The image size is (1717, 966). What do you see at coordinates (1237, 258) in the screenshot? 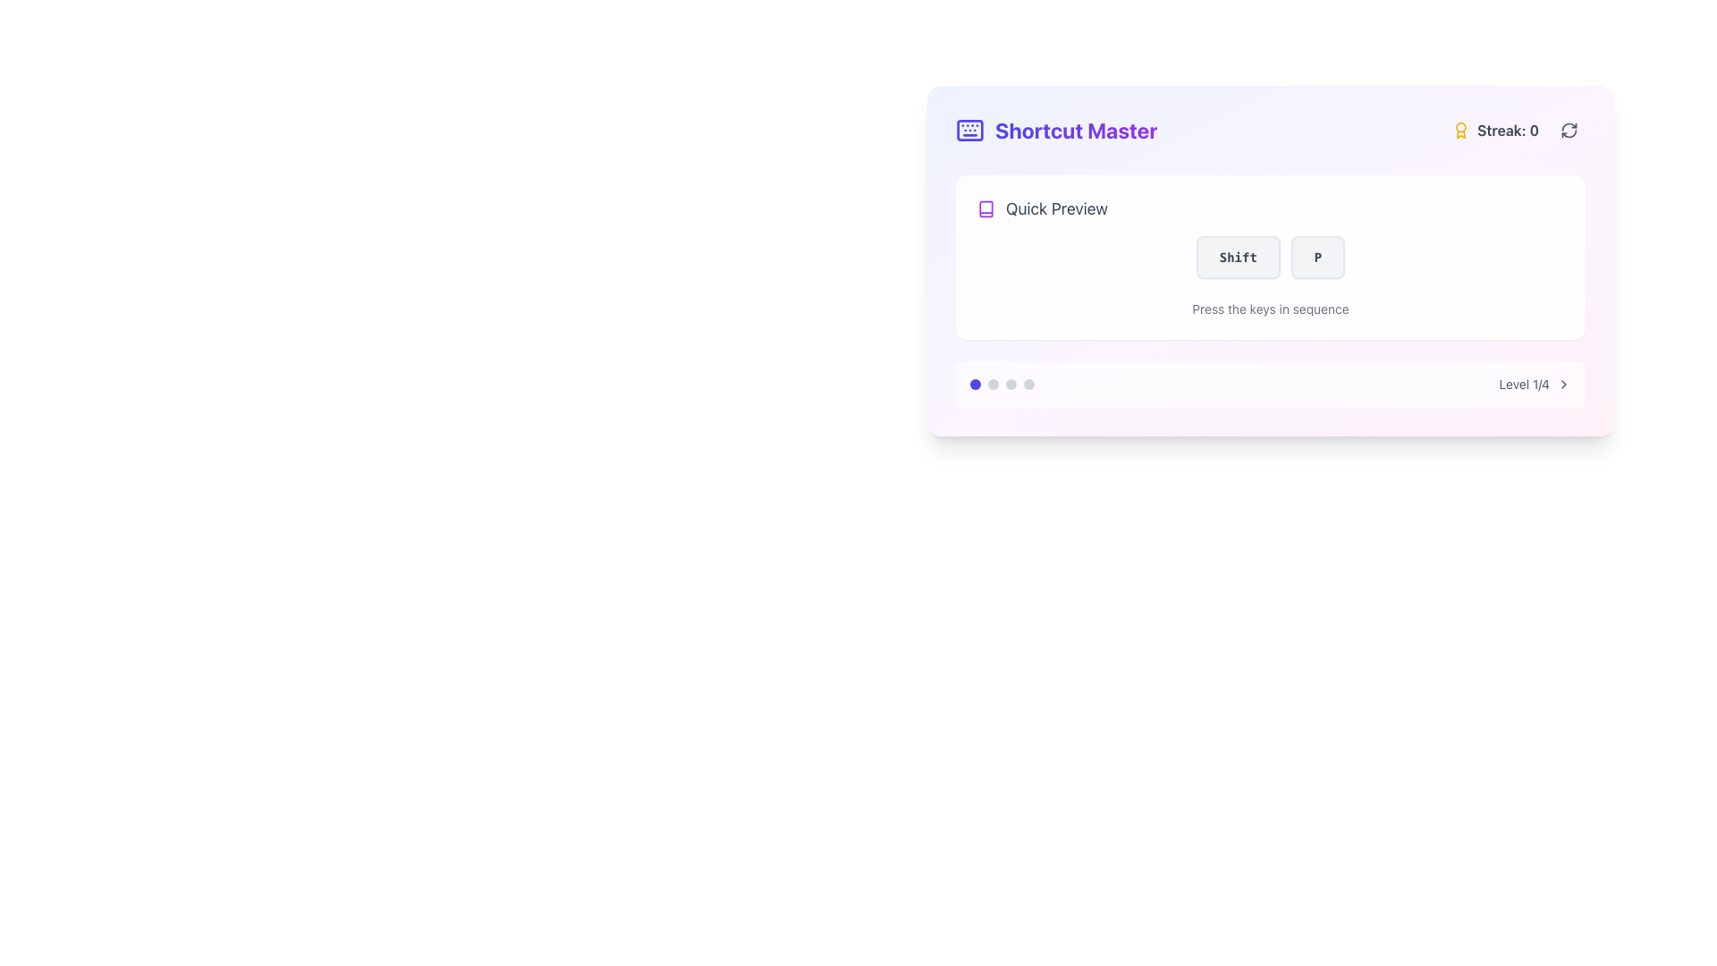
I see `the 'Shift' button` at bounding box center [1237, 258].